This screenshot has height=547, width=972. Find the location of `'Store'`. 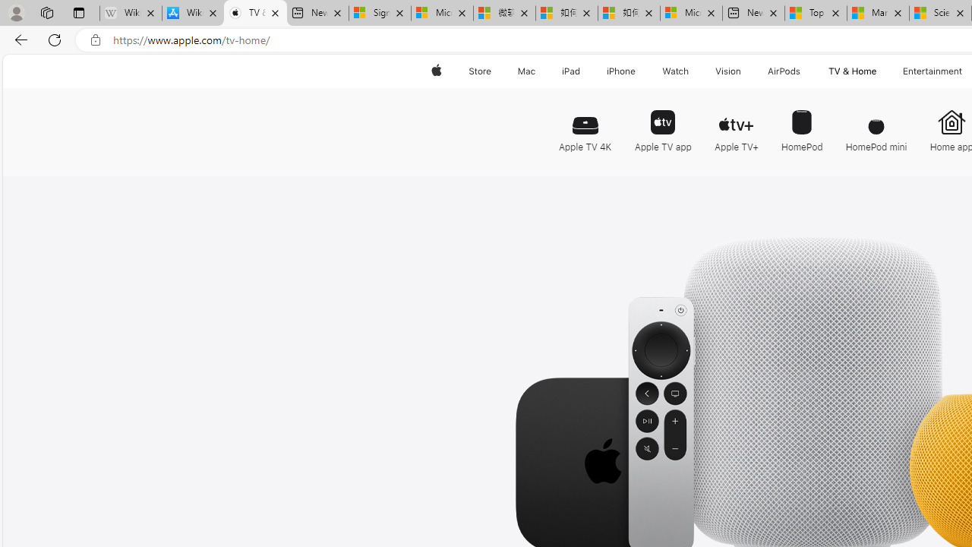

'Store' is located at coordinates (478, 71).